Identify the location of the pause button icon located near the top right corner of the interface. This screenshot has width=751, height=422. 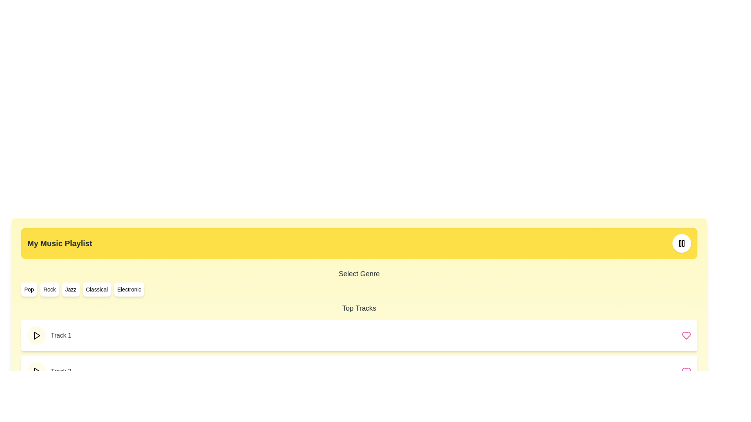
(681, 243).